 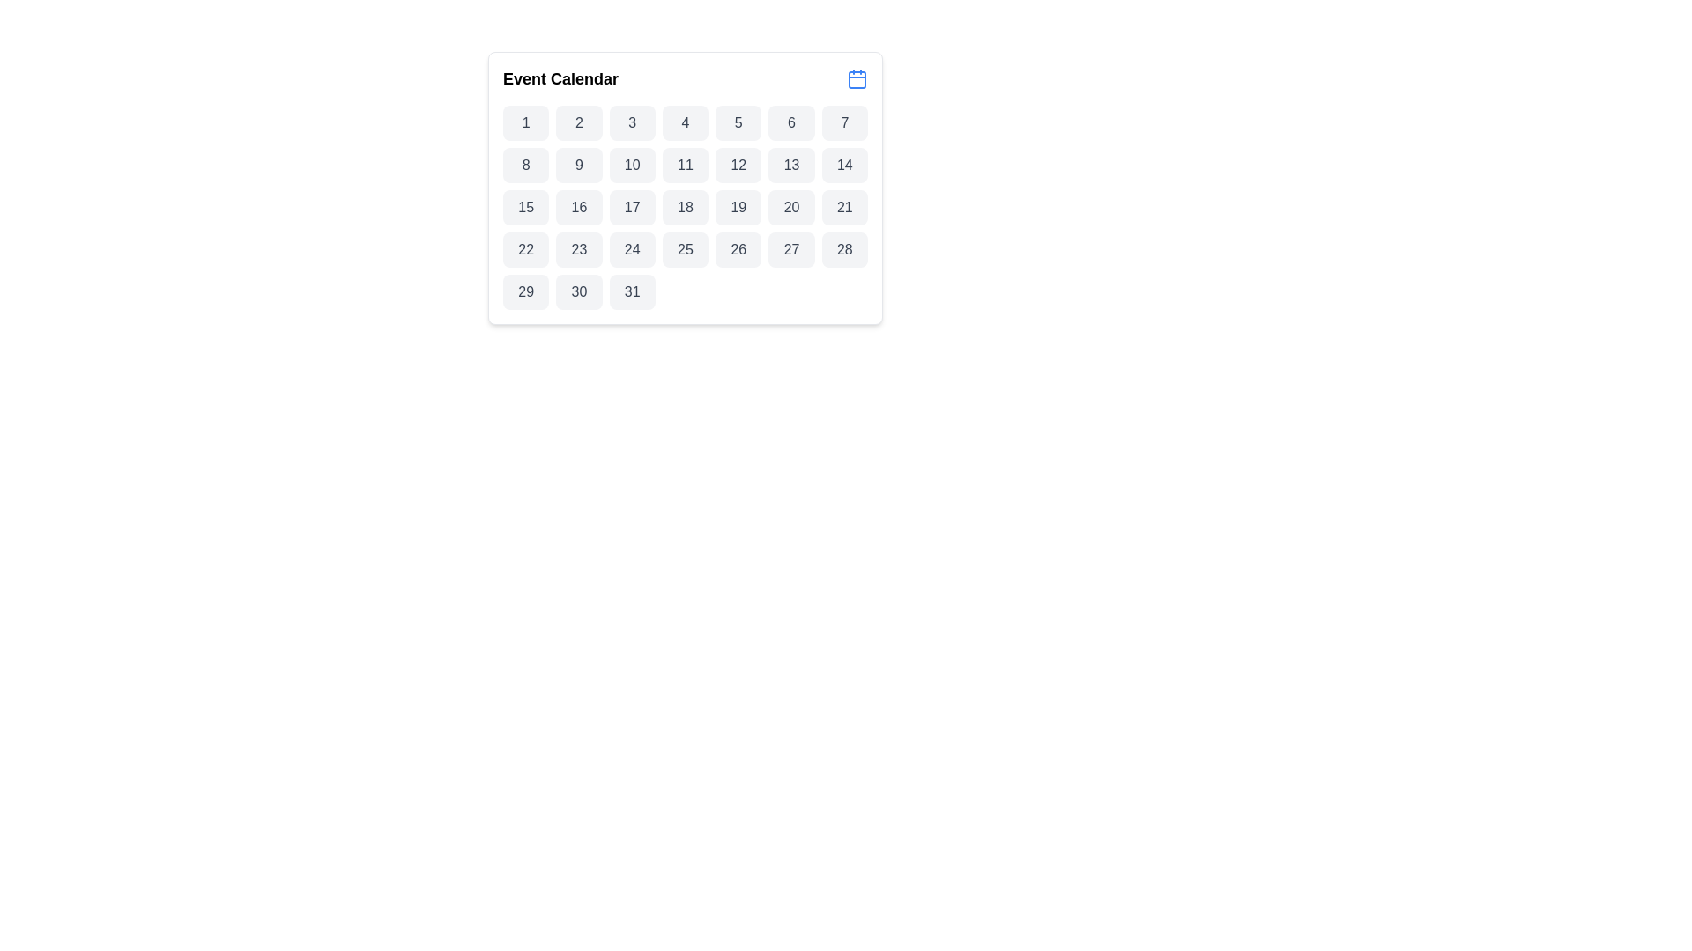 I want to click on the selectable date button representing the 29th day of the month in the calendar component, so click(x=525, y=291).